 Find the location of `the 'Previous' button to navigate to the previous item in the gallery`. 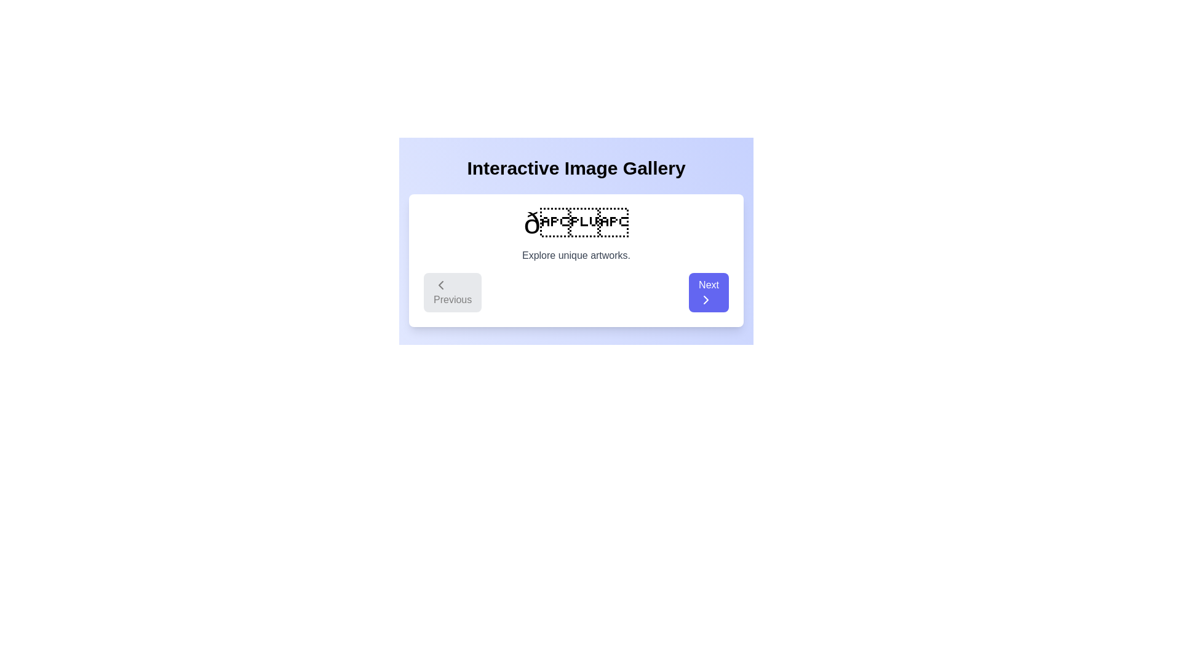

the 'Previous' button to navigate to the previous item in the gallery is located at coordinates (451, 292).